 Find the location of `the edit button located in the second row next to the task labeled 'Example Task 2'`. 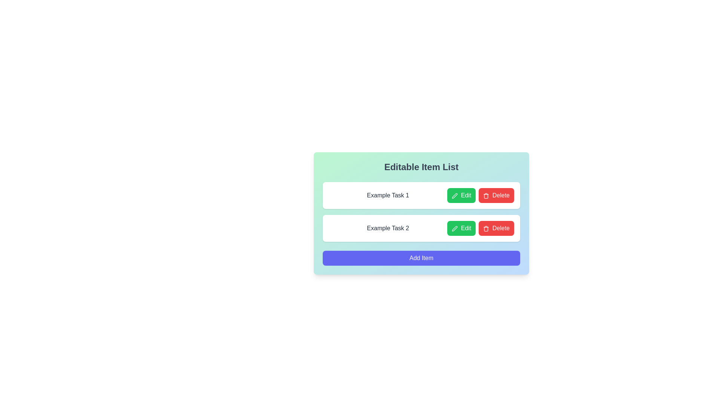

the edit button located in the second row next to the task labeled 'Example Task 2' is located at coordinates (461, 228).